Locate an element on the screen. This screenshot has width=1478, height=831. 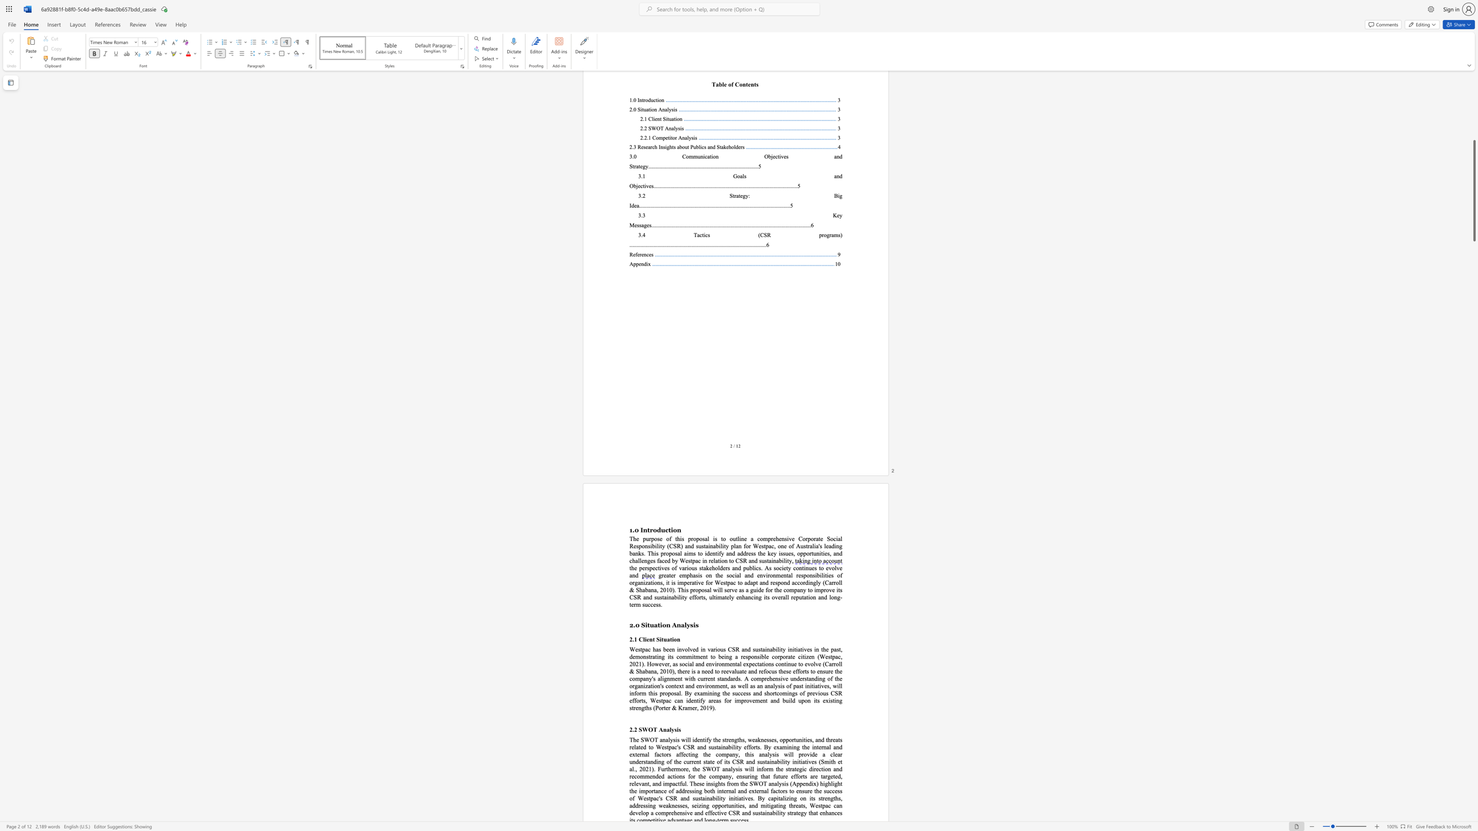
the subset text "il" within the text "The SWOT analysis will" is located at coordinates (686, 739).